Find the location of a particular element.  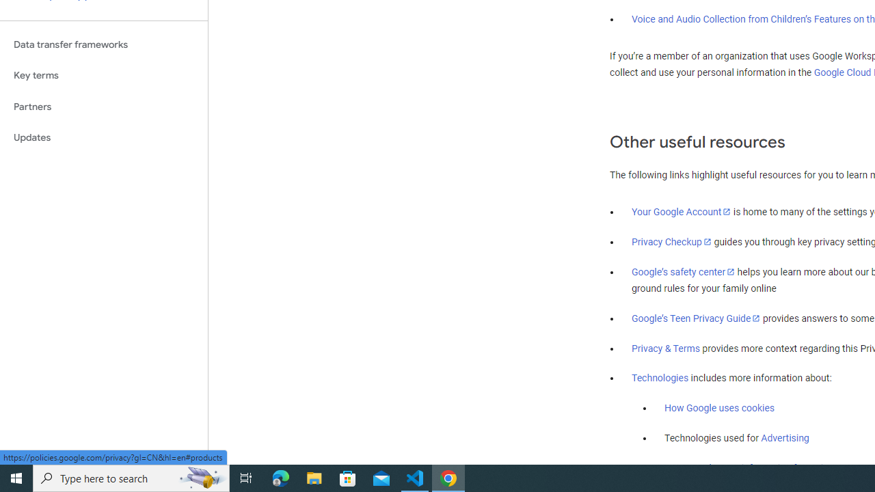

'Data transfer frameworks' is located at coordinates (103, 44).